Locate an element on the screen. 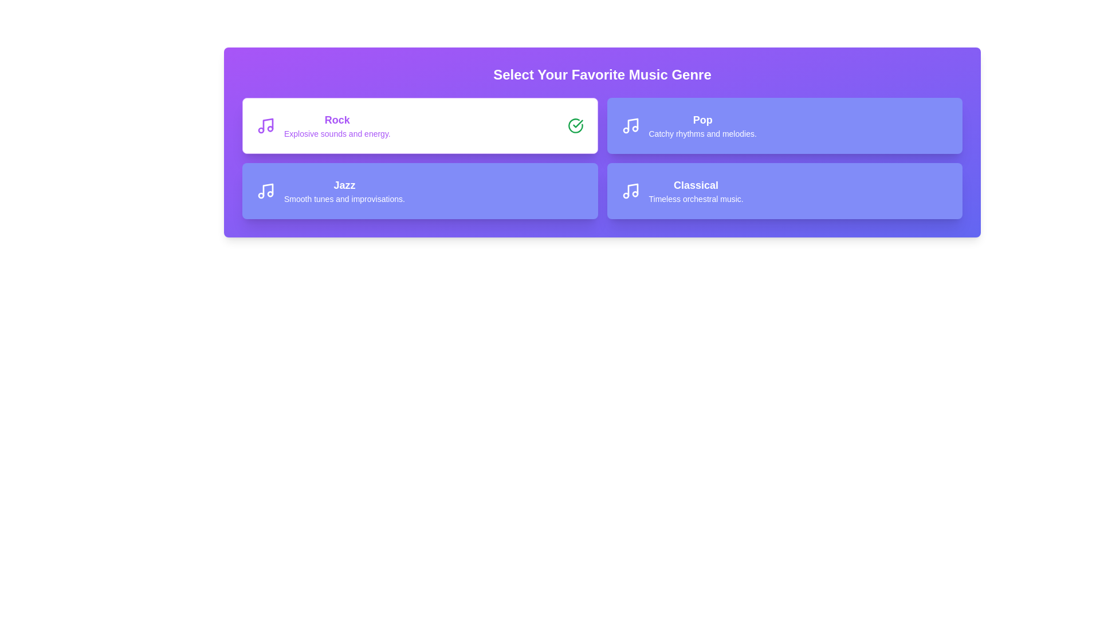 The image size is (1100, 618). the design of the musical notes icon located in the top-left corner of the 'Jazz' card, which has a white outline on a light blue background is located at coordinates (265, 191).